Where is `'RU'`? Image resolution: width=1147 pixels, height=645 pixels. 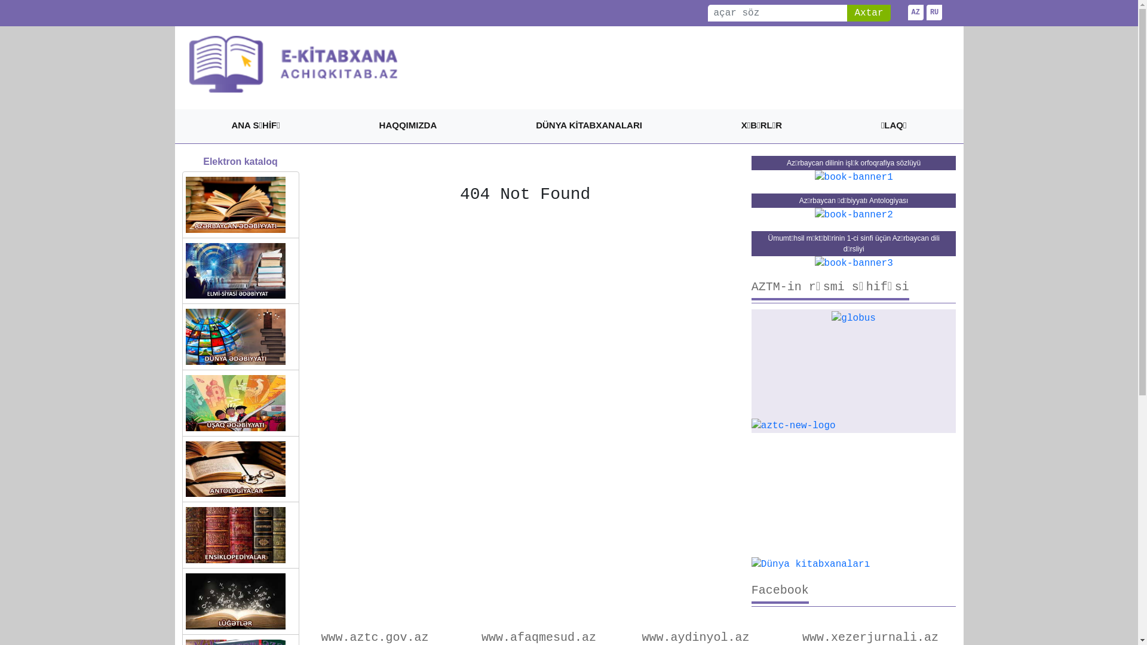 'RU' is located at coordinates (934, 12).